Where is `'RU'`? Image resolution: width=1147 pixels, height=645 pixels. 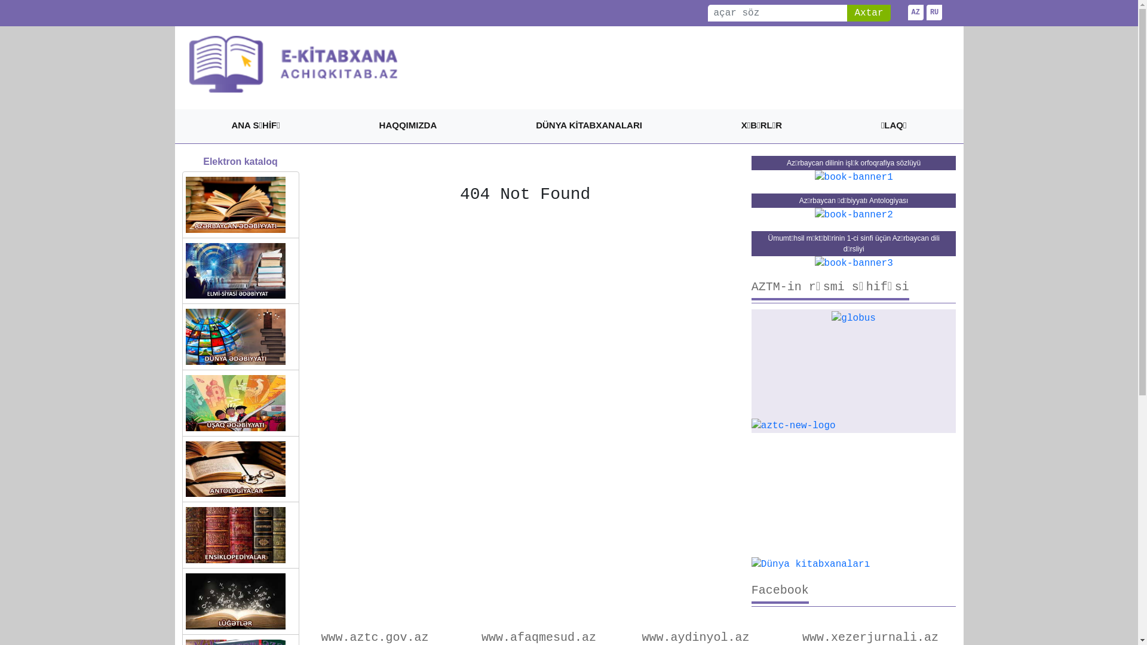 'RU' is located at coordinates (934, 12).